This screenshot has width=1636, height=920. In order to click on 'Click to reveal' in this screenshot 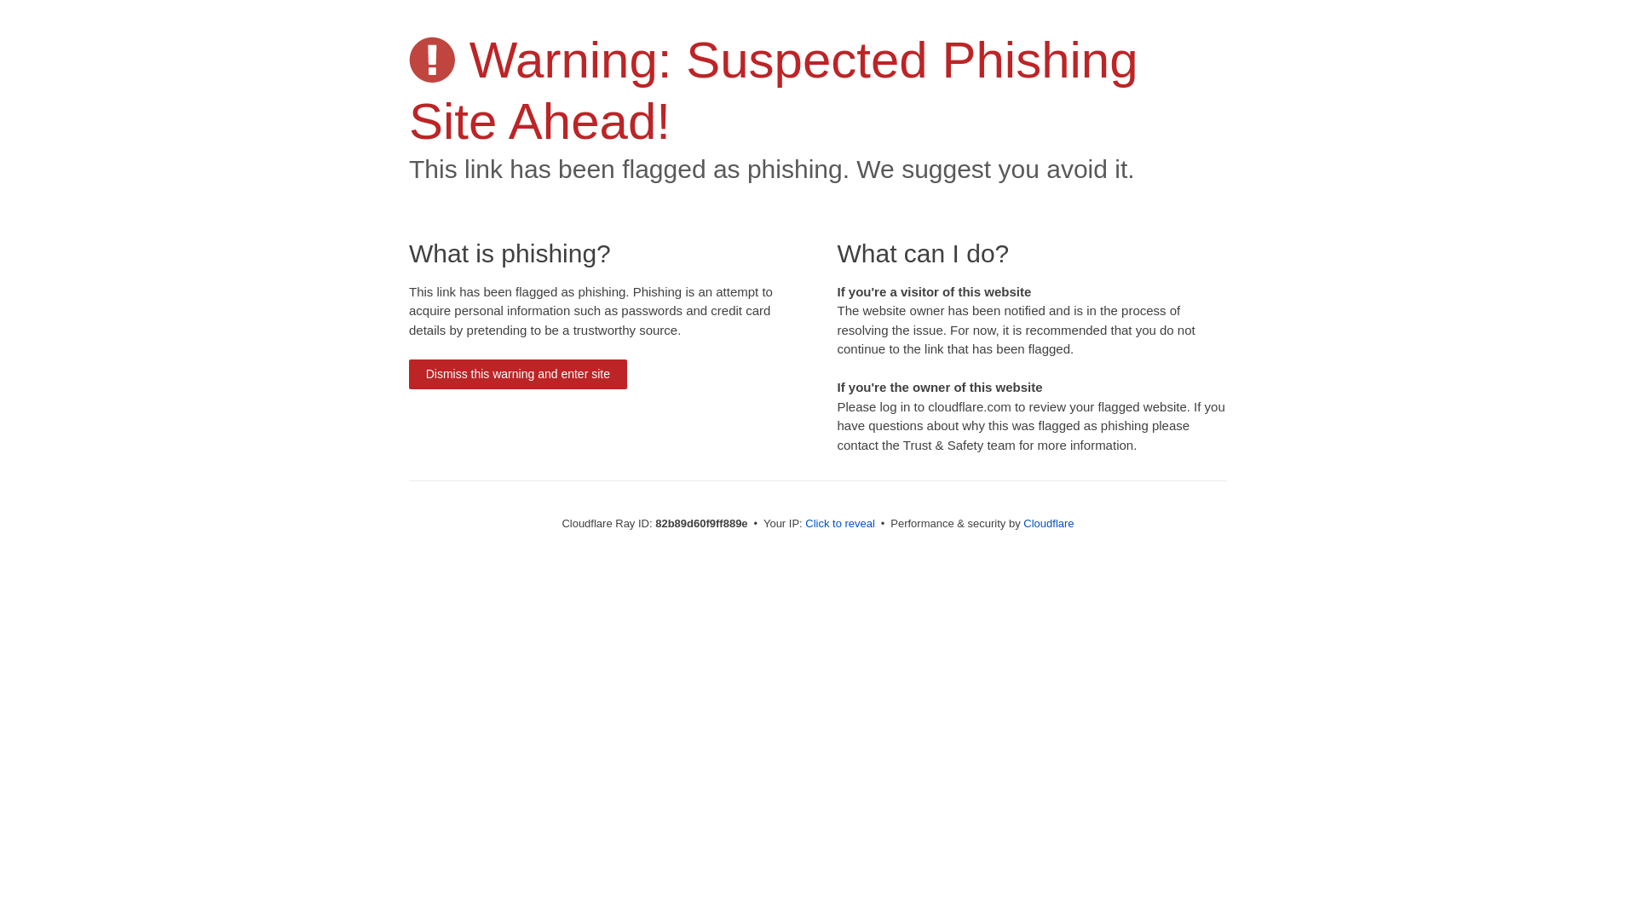, I will do `click(839, 522)`.